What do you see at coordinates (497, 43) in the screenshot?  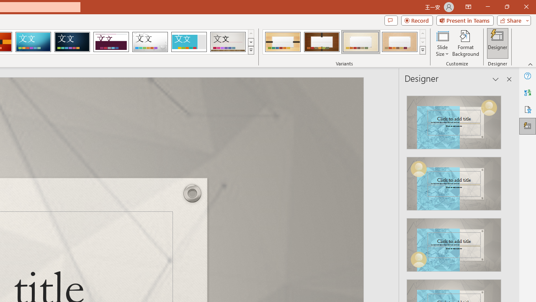 I see `'Designer'` at bounding box center [497, 43].